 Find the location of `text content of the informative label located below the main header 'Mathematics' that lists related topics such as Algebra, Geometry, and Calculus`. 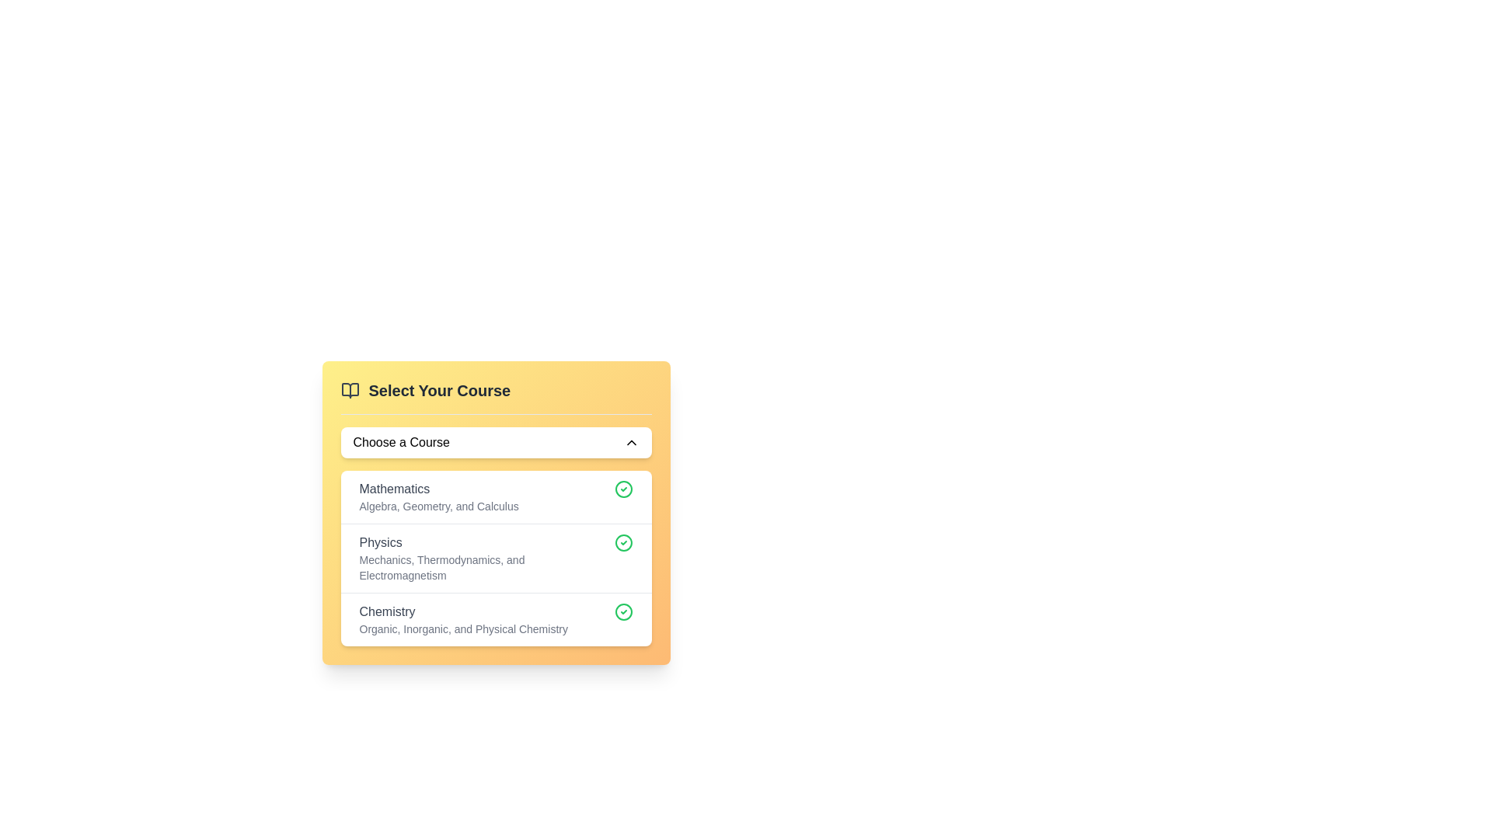

text content of the informative label located below the main header 'Mathematics' that lists related topics such as Algebra, Geometry, and Calculus is located at coordinates (438, 506).